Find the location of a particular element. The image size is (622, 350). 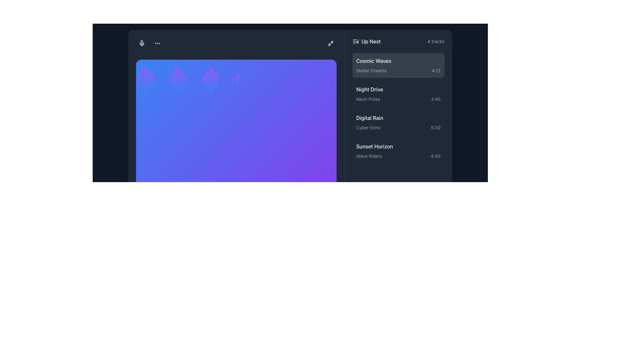

text displayed as 'Up Next', which is styled in white and located near the upper-right area of the interface, adjacent to a musical note icon is located at coordinates (366, 41).